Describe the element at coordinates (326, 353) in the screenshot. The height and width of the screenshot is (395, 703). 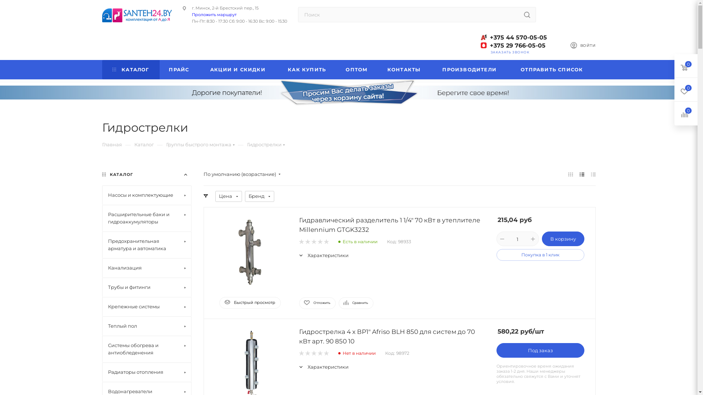
I see `'5'` at that location.